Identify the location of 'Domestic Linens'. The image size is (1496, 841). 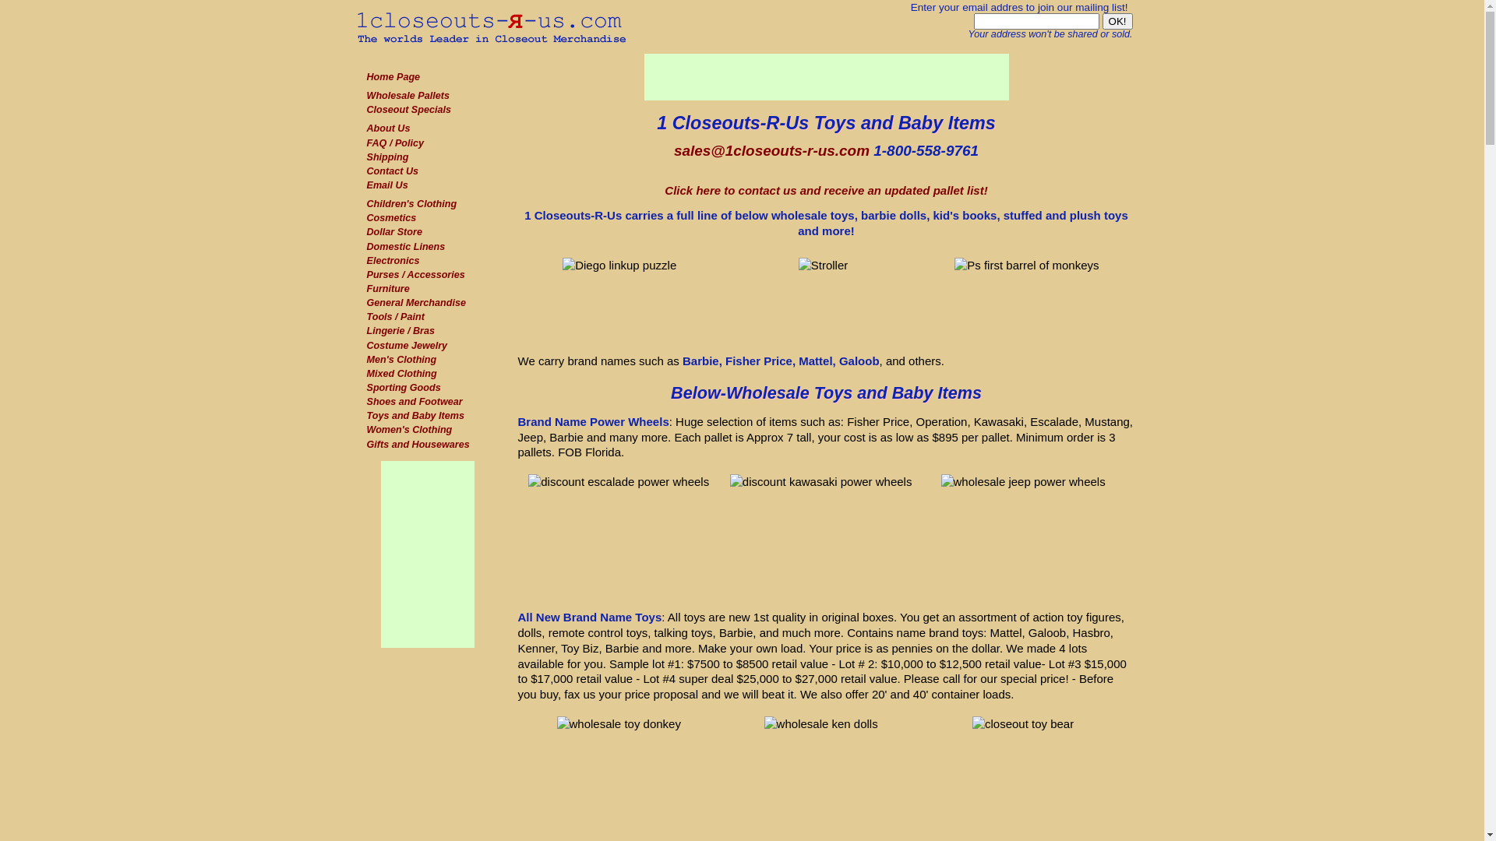
(365, 245).